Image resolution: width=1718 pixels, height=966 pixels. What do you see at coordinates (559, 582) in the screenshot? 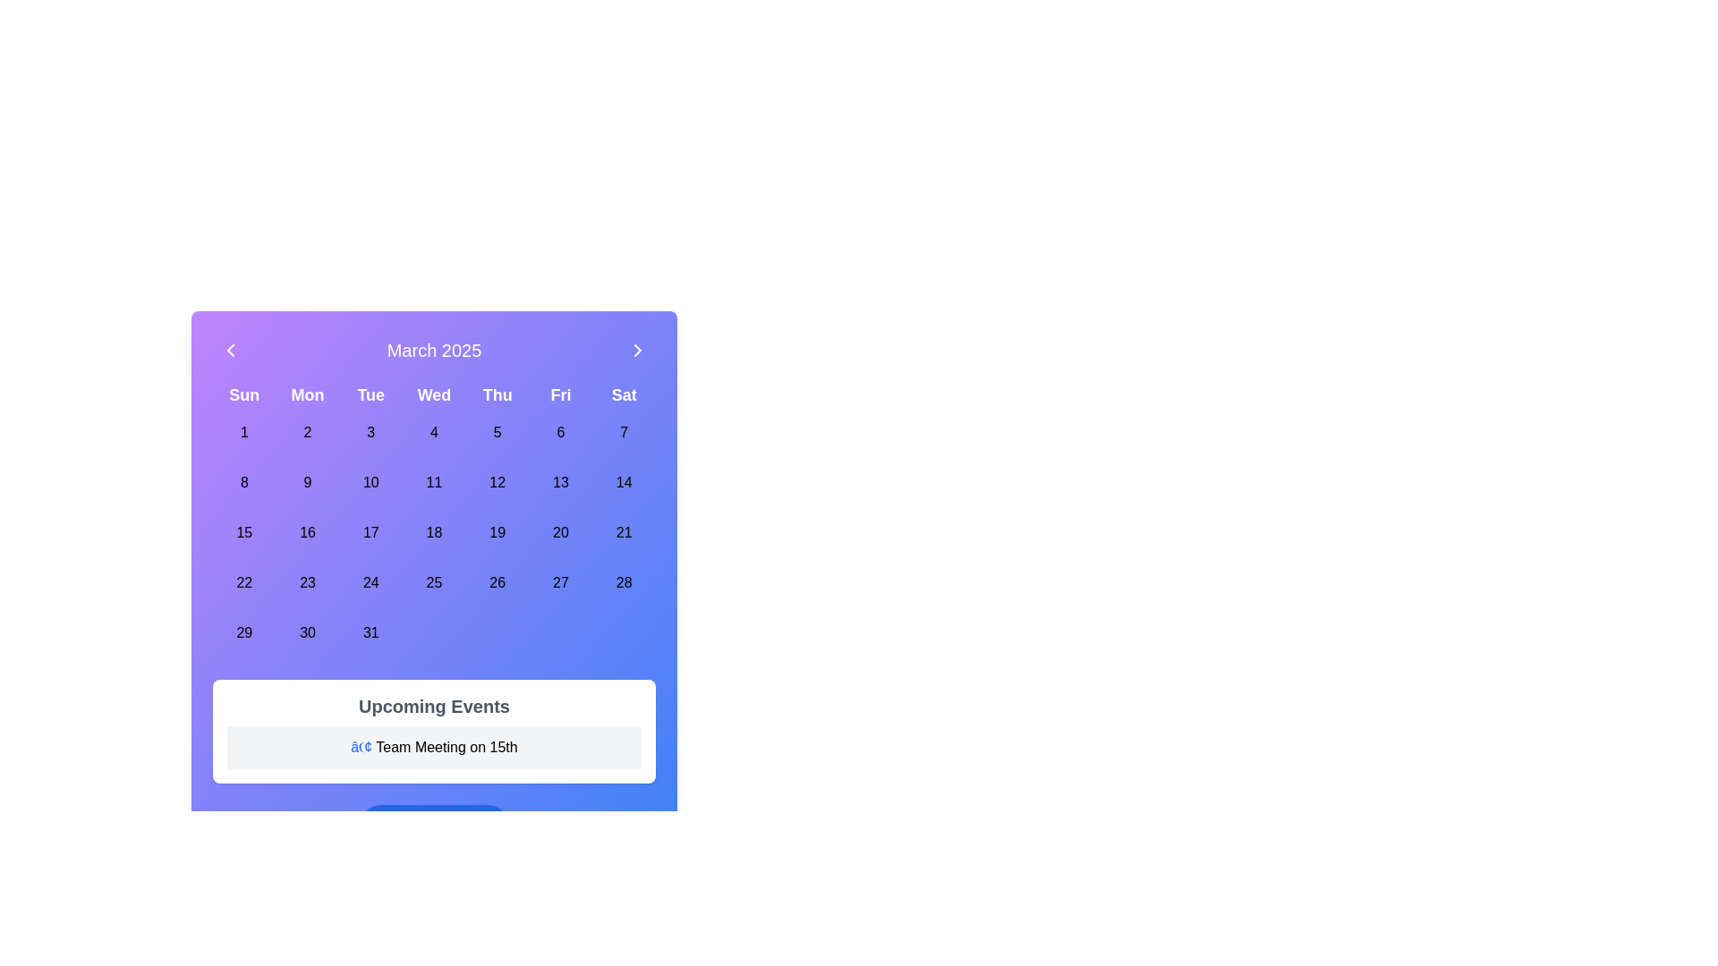
I see `the circular button labeled '27' in the calendar grid` at bounding box center [559, 582].